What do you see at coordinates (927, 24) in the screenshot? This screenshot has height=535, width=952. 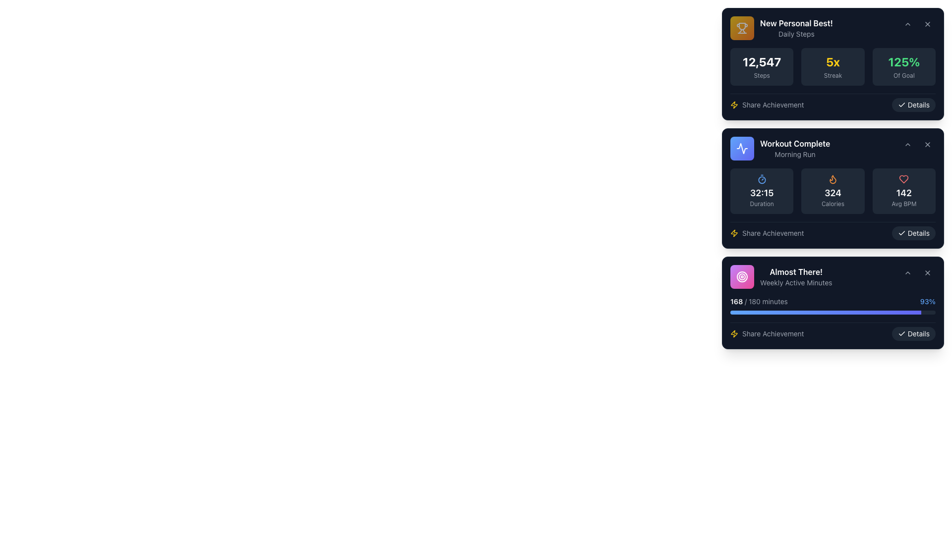 I see `the close button located in the top-right corner of the 'New Personal Best!' achievement card` at bounding box center [927, 24].